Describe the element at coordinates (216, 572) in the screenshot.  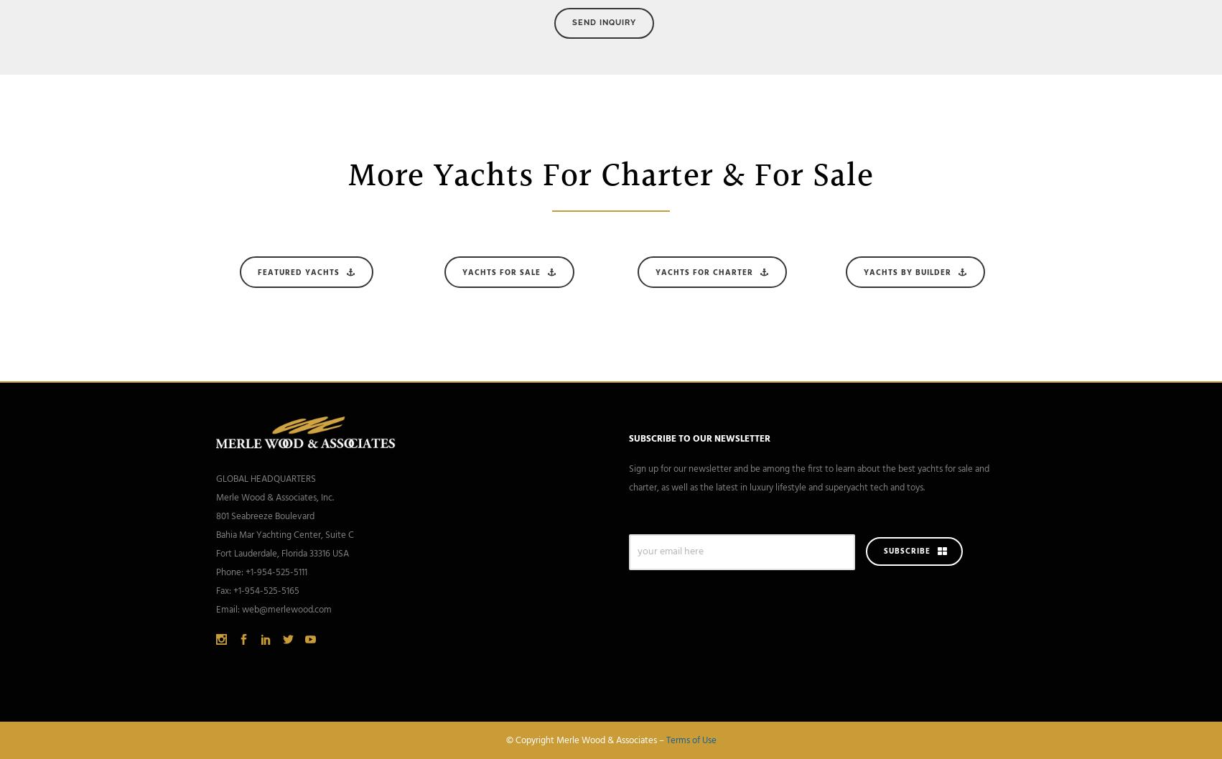
I see `'Phone: +1-954-525-5111'` at that location.